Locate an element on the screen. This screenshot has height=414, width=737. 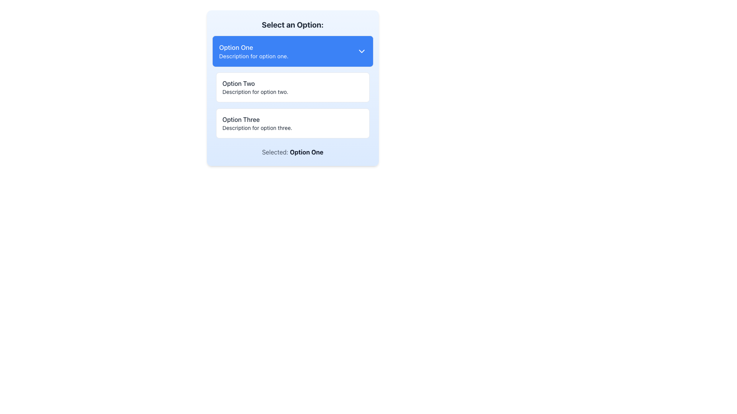
the button labeled 'Option Three' is located at coordinates (292, 123).